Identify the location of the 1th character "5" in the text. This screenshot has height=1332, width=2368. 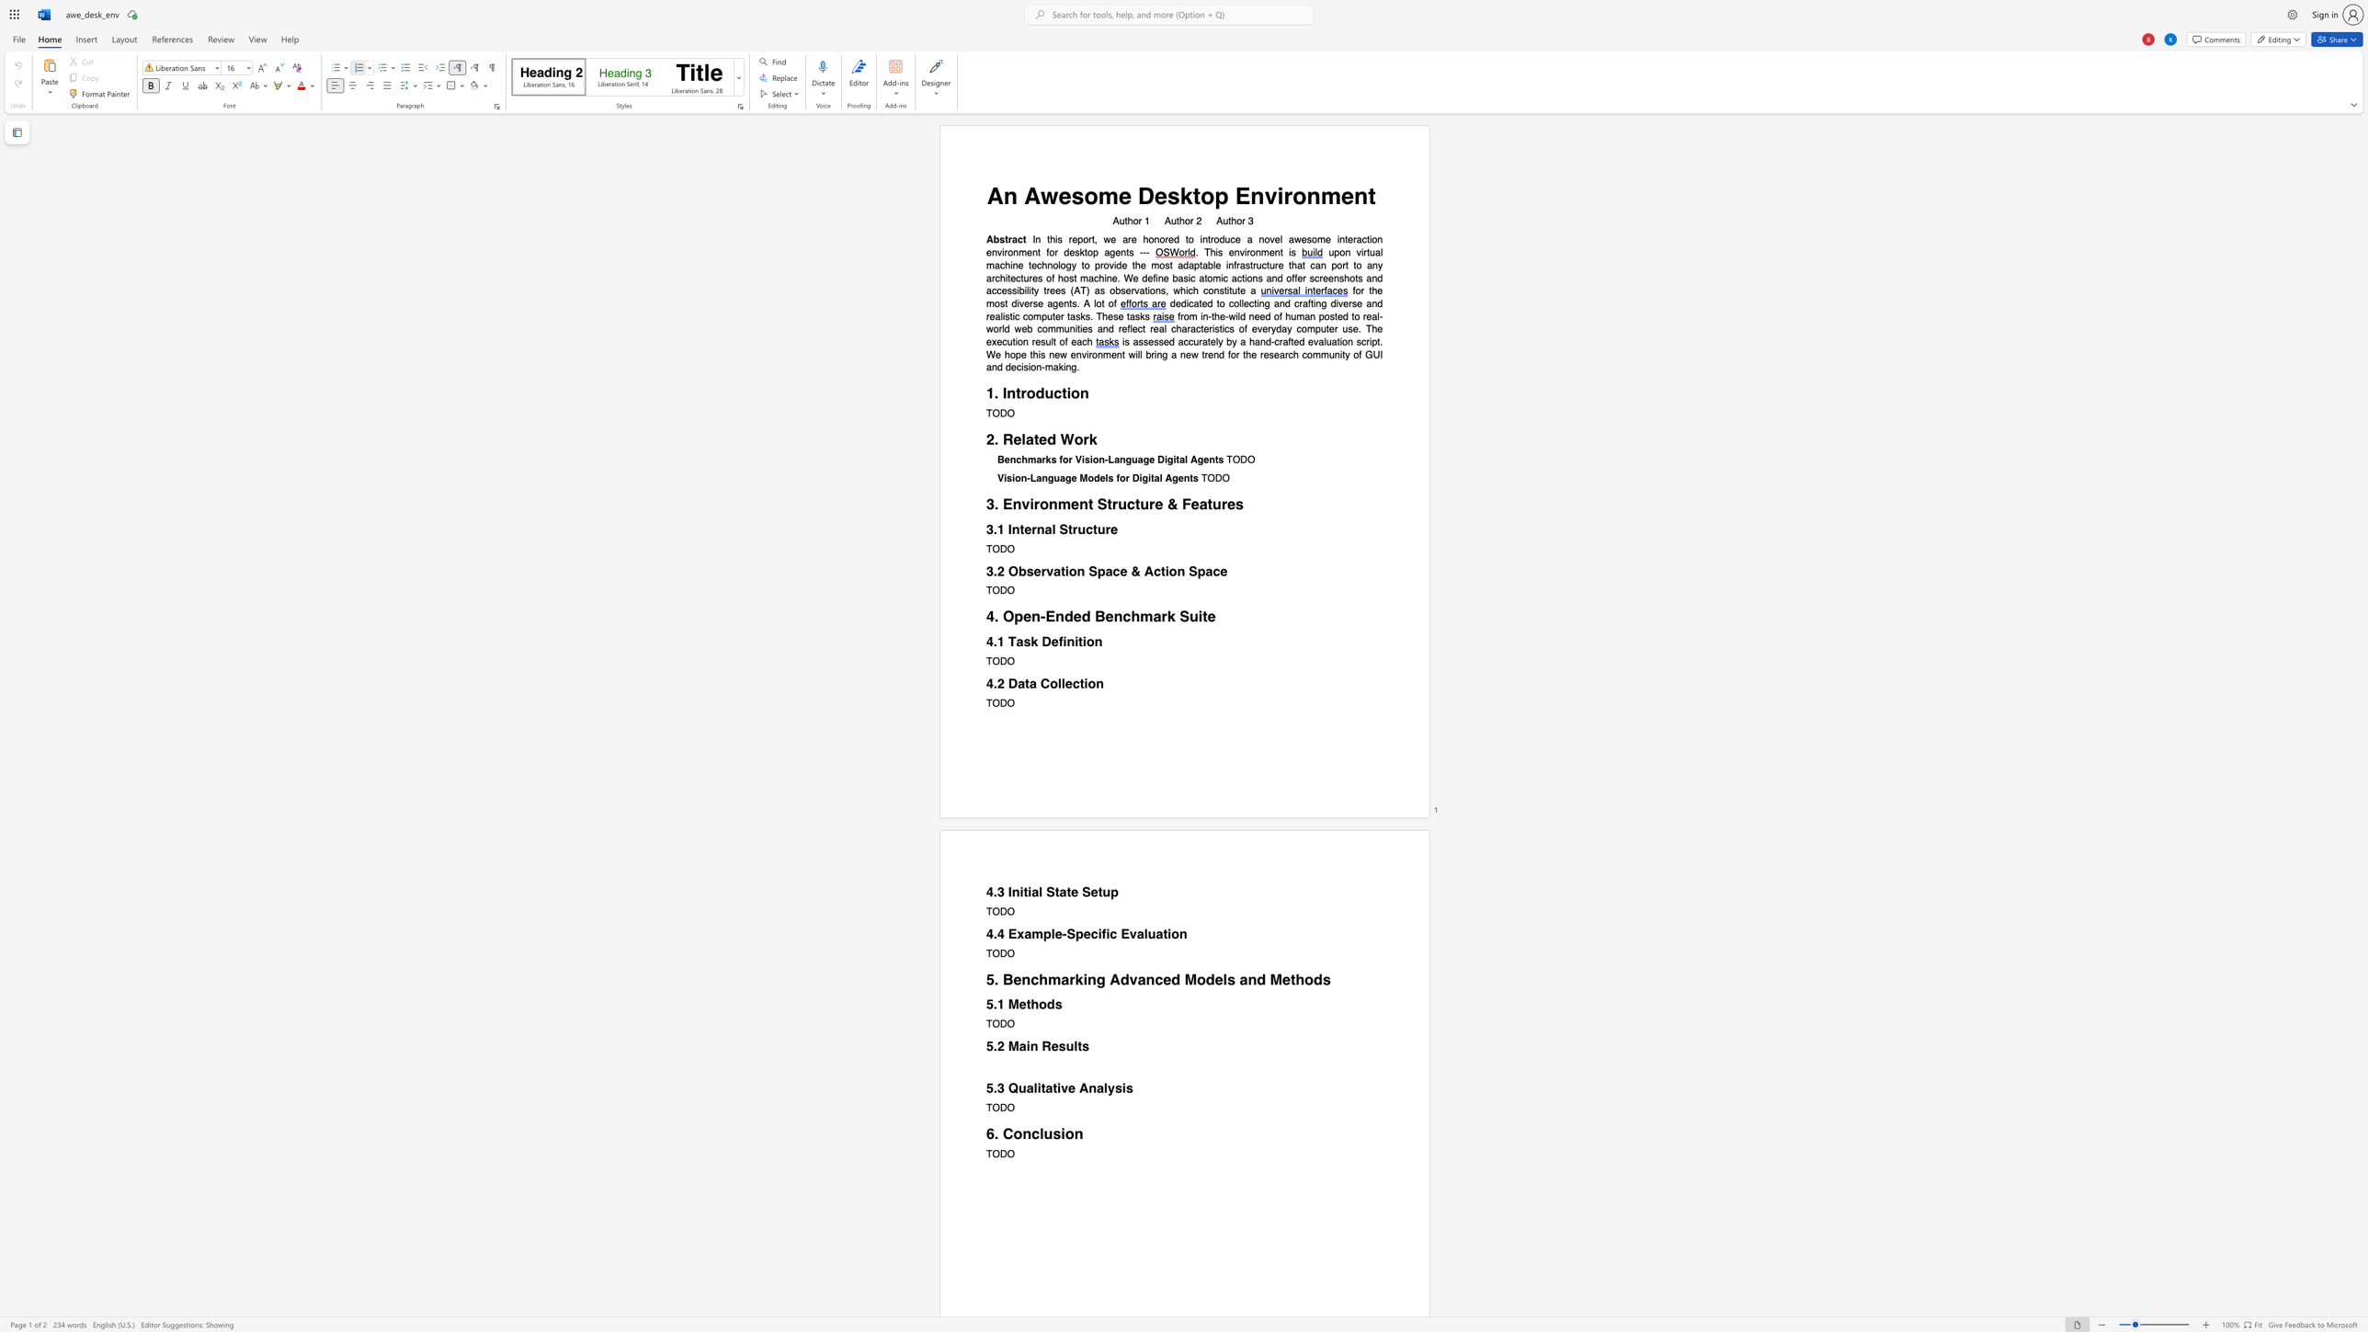
(990, 979).